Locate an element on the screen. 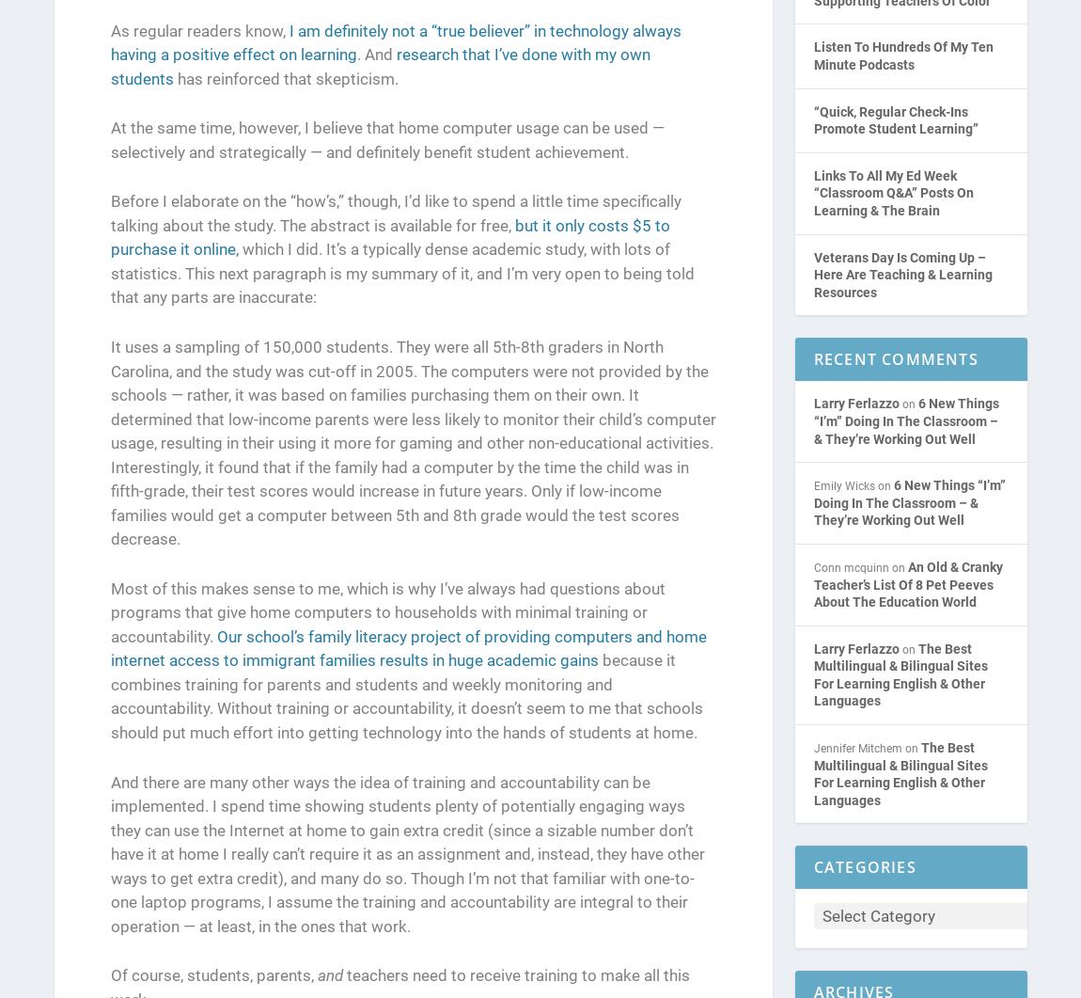 This screenshot has width=1081, height=998. 'Listen To Hundreds Of My Ten Minute Podcasts' is located at coordinates (813, 56).